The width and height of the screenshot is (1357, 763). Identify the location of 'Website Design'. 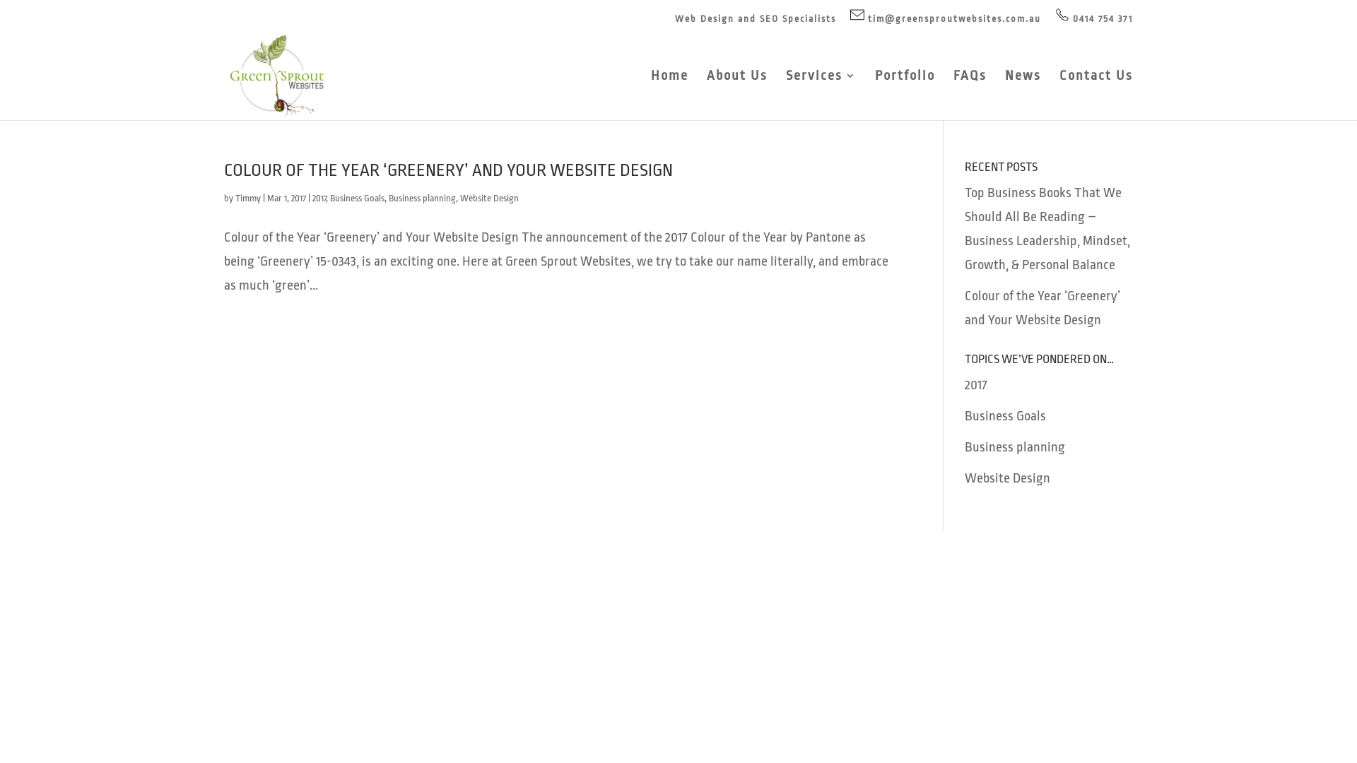
(1006, 478).